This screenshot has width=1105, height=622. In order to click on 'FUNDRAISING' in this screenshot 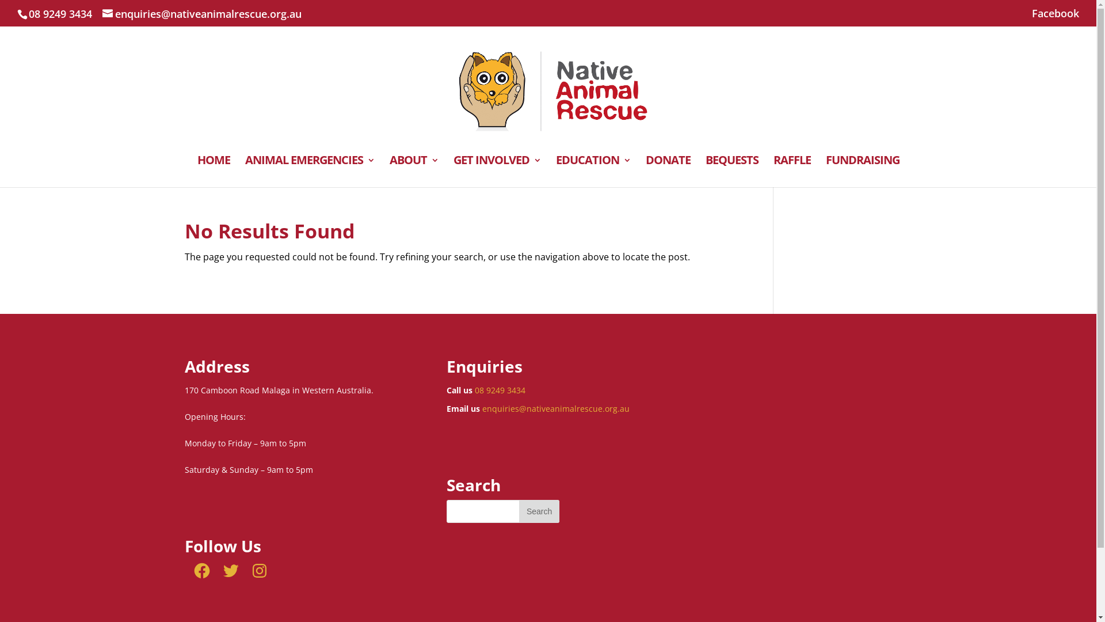, I will do `click(862, 171)`.